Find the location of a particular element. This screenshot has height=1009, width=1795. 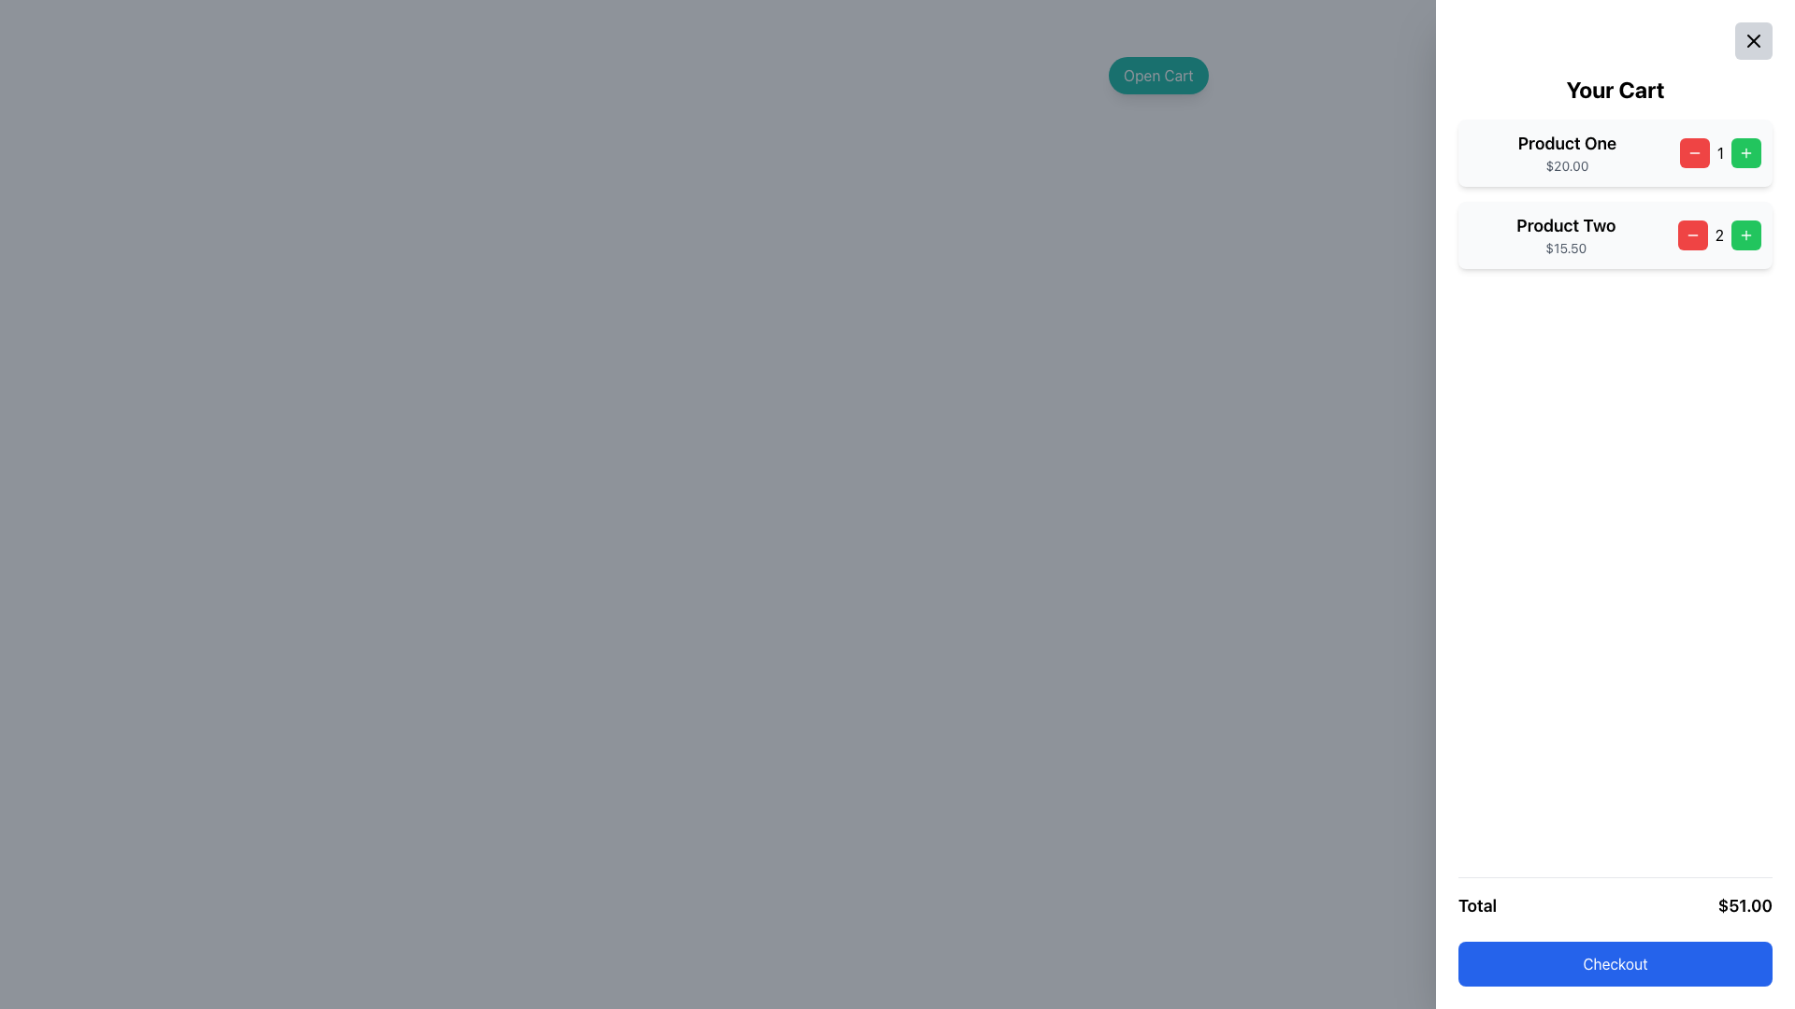

the close button located at the top-right corner of the cart panel is located at coordinates (1753, 40).